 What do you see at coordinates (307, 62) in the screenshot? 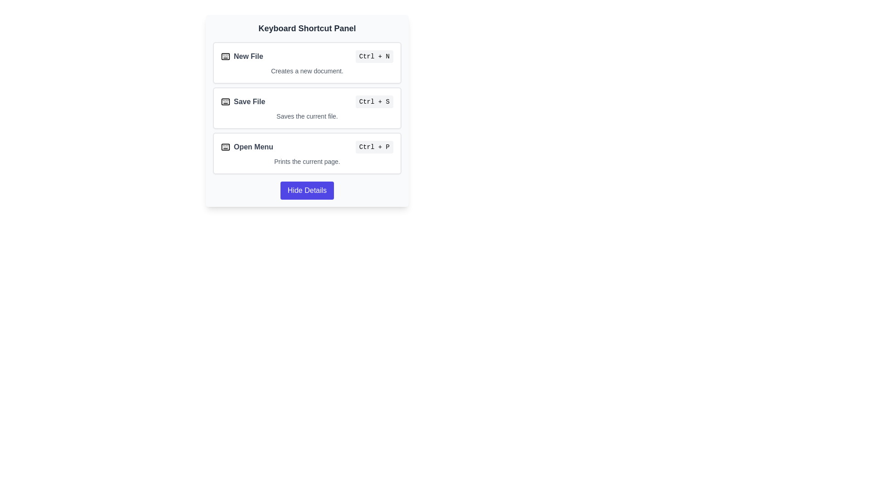
I see `the informational card that describes the 'Ctrl + N' shortcut for creating a new document, located at the top of the vertical list` at bounding box center [307, 62].